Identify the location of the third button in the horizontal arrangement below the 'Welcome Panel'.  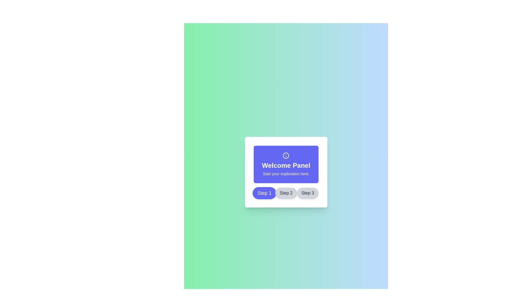
(307, 193).